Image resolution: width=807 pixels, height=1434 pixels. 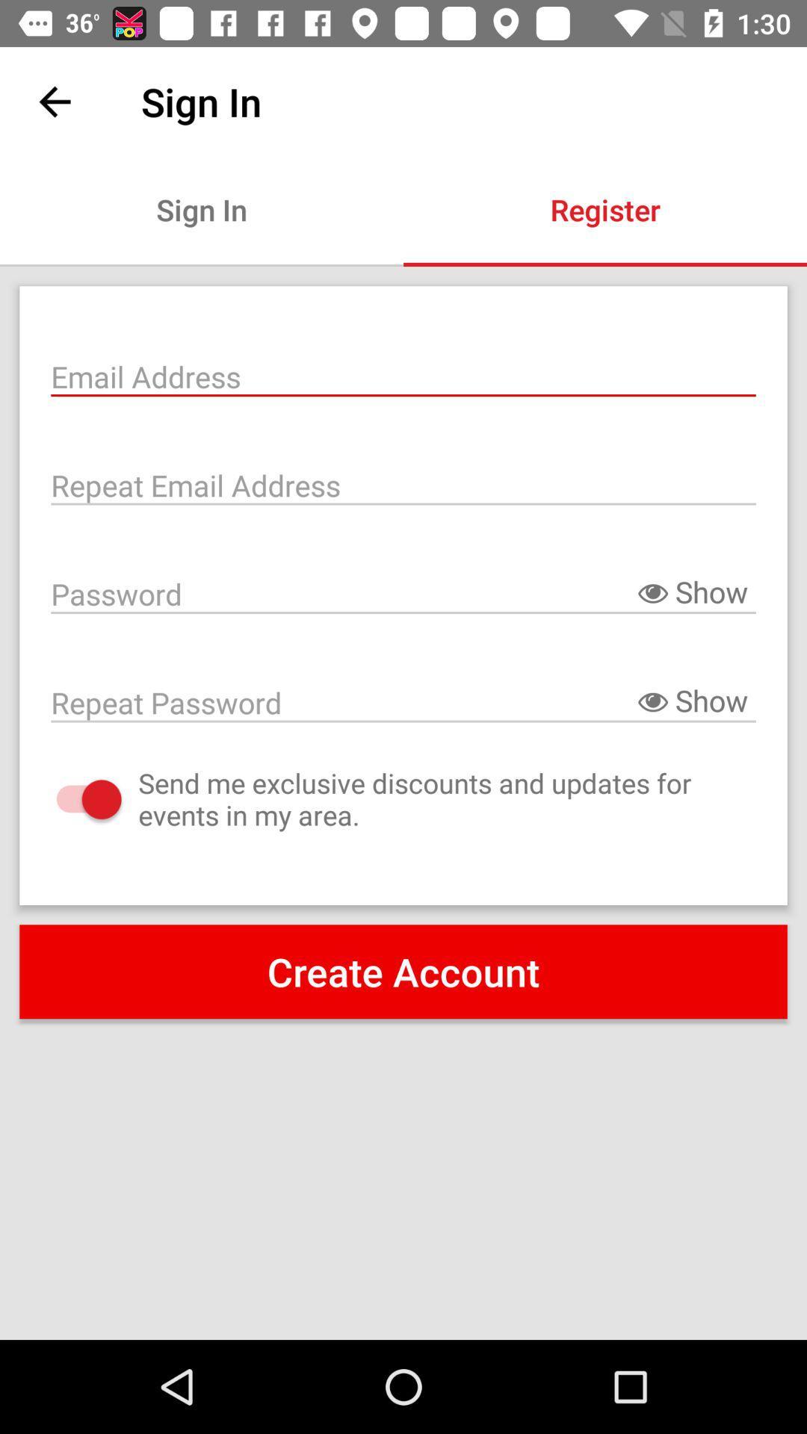 What do you see at coordinates (403, 375) in the screenshot?
I see `type your id name` at bounding box center [403, 375].